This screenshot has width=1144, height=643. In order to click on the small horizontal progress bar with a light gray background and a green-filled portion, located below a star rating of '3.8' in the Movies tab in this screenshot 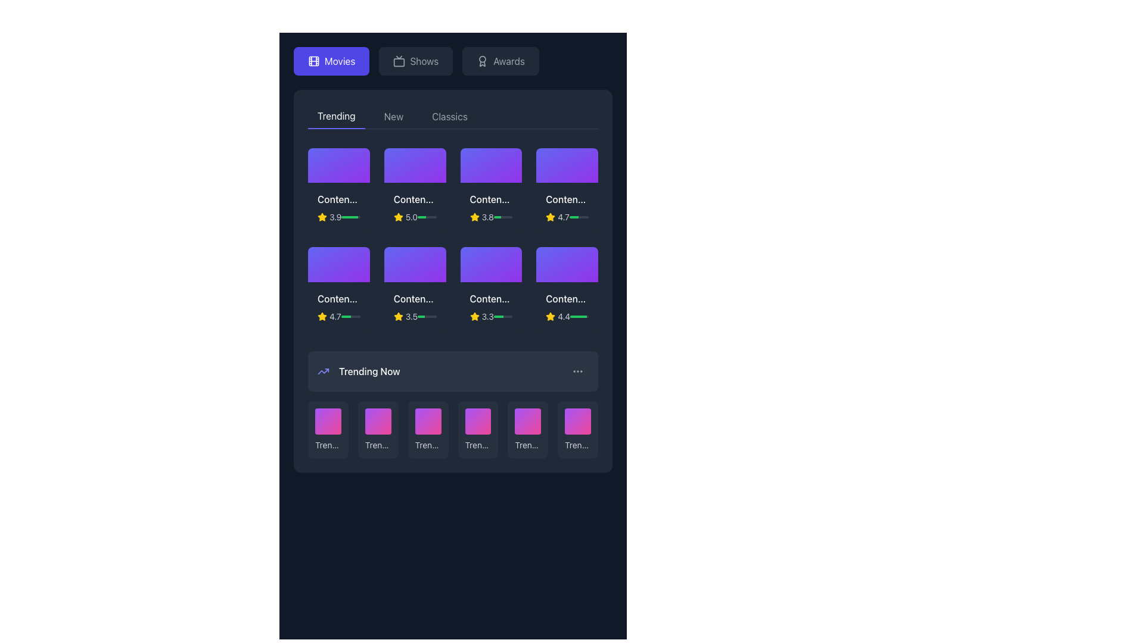, I will do `click(503, 217)`.